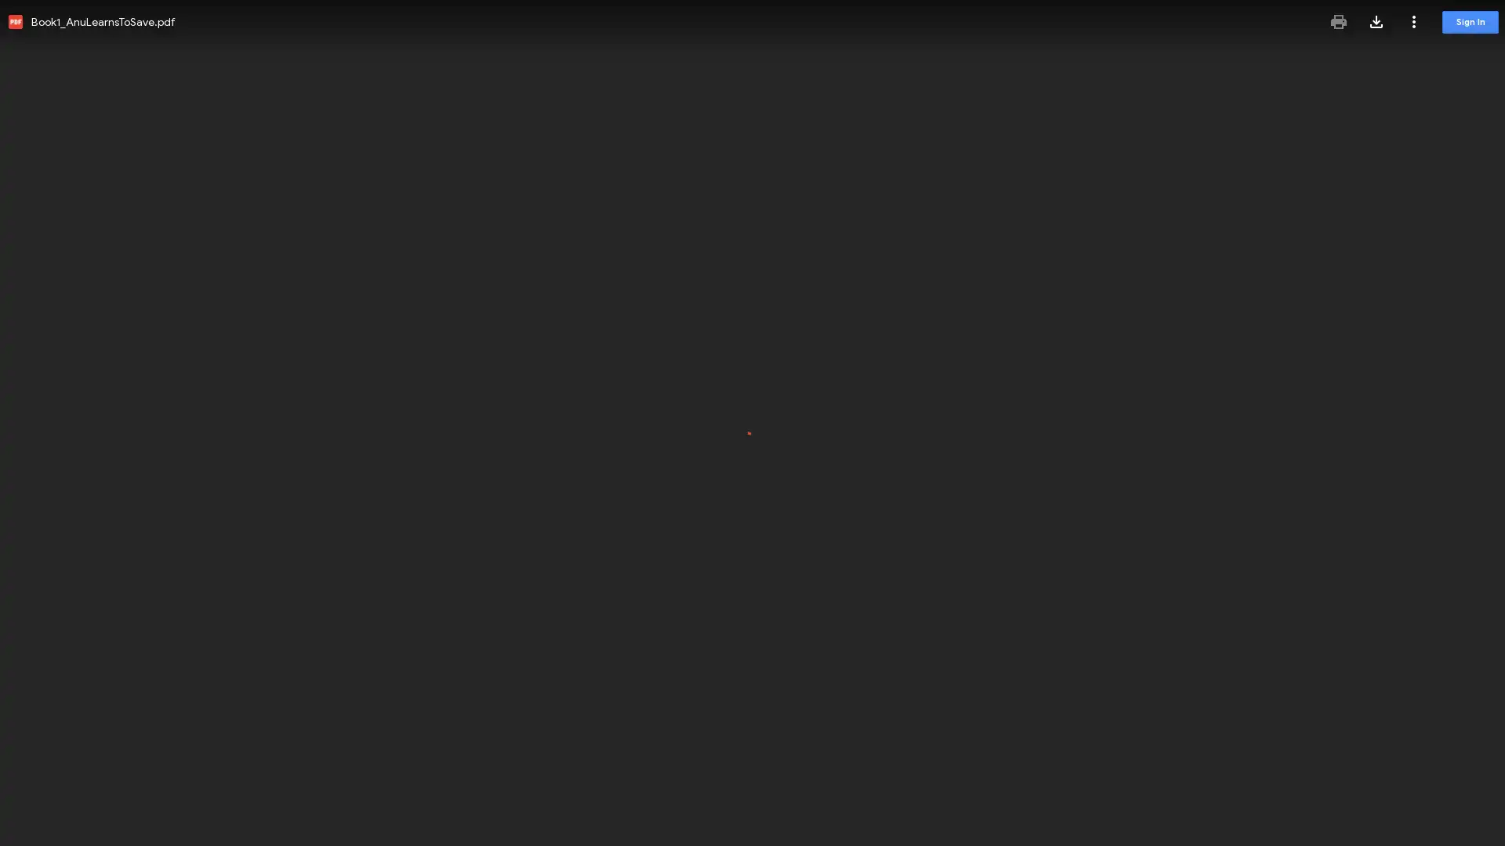 Image resolution: width=1505 pixels, height=846 pixels. What do you see at coordinates (1338, 21) in the screenshot?
I see `Printing not yet available` at bounding box center [1338, 21].